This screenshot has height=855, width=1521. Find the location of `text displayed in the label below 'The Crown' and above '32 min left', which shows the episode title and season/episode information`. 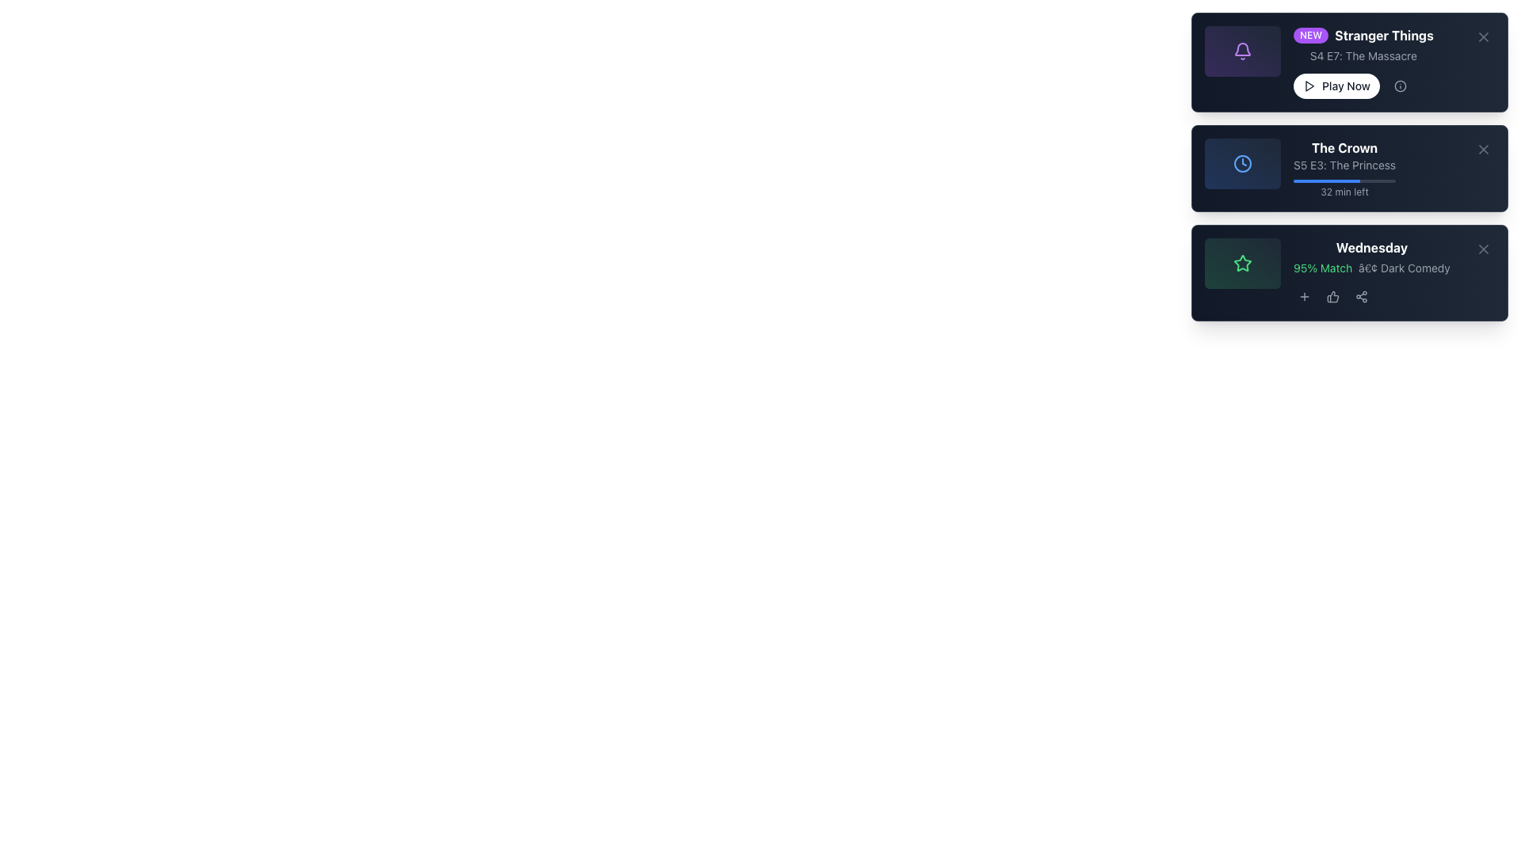

text displayed in the label below 'The Crown' and above '32 min left', which shows the episode title and season/episode information is located at coordinates (1344, 165).